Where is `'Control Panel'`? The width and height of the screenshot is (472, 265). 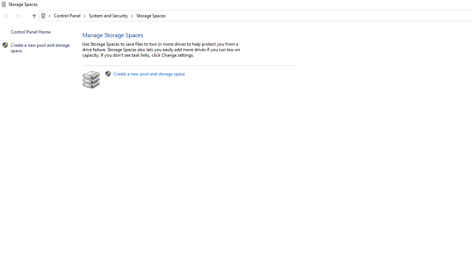 'Control Panel' is located at coordinates (70, 15).